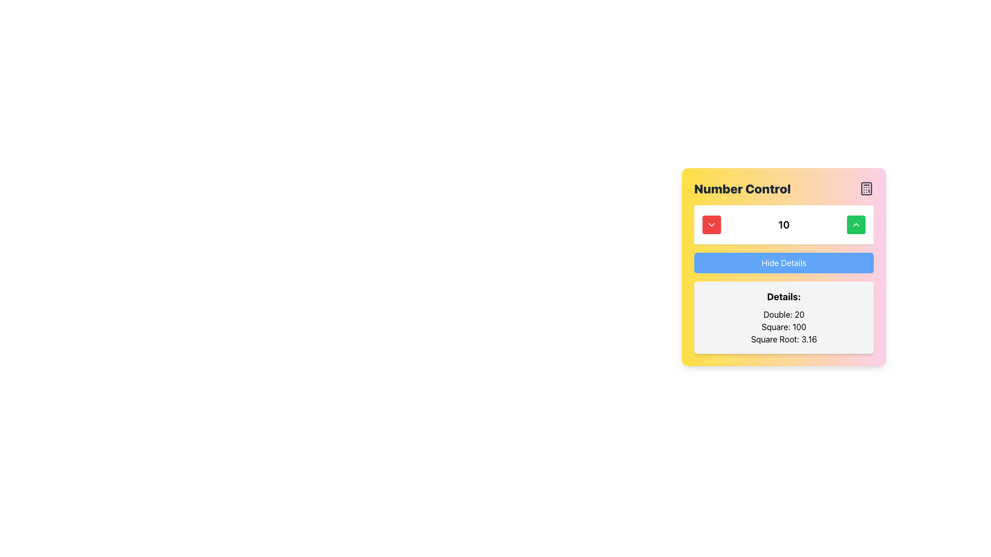 This screenshot has height=557, width=991. Describe the element at coordinates (711, 224) in the screenshot. I see `the decrement button located in the 'Number Control' section` at that location.